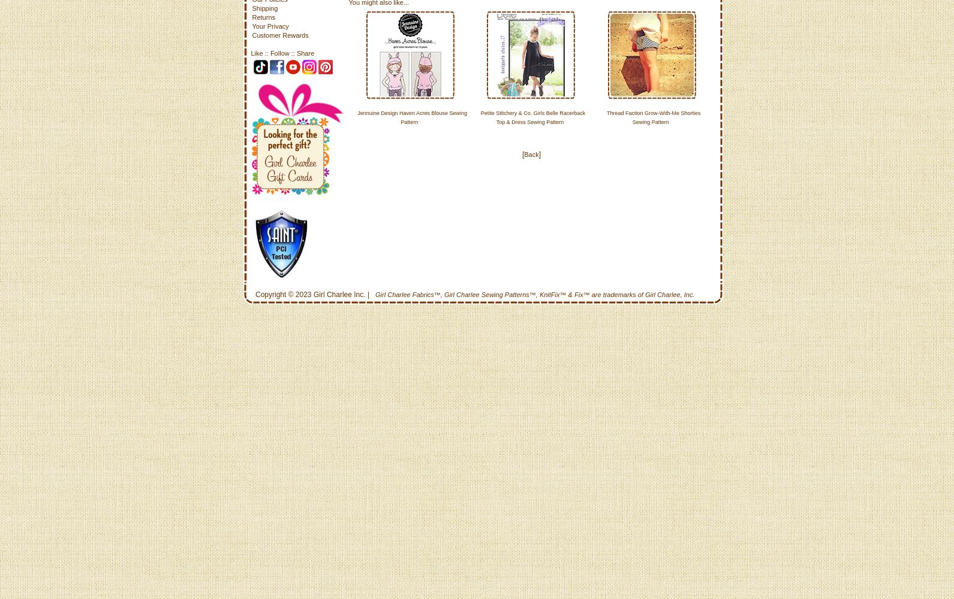  Describe the element at coordinates (523, 155) in the screenshot. I see `'Back'` at that location.